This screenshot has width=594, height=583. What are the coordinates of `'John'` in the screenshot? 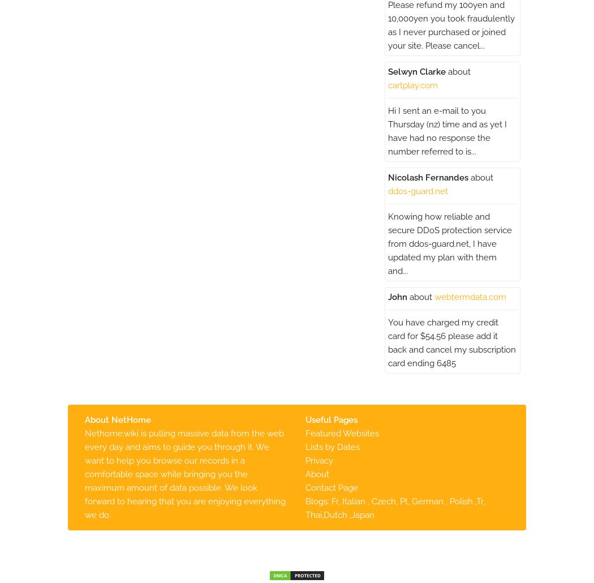 It's located at (398, 296).